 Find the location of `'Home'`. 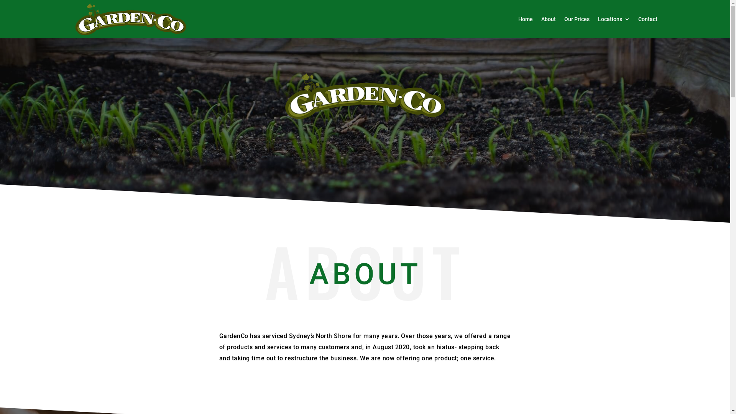

'Home' is located at coordinates (525, 19).